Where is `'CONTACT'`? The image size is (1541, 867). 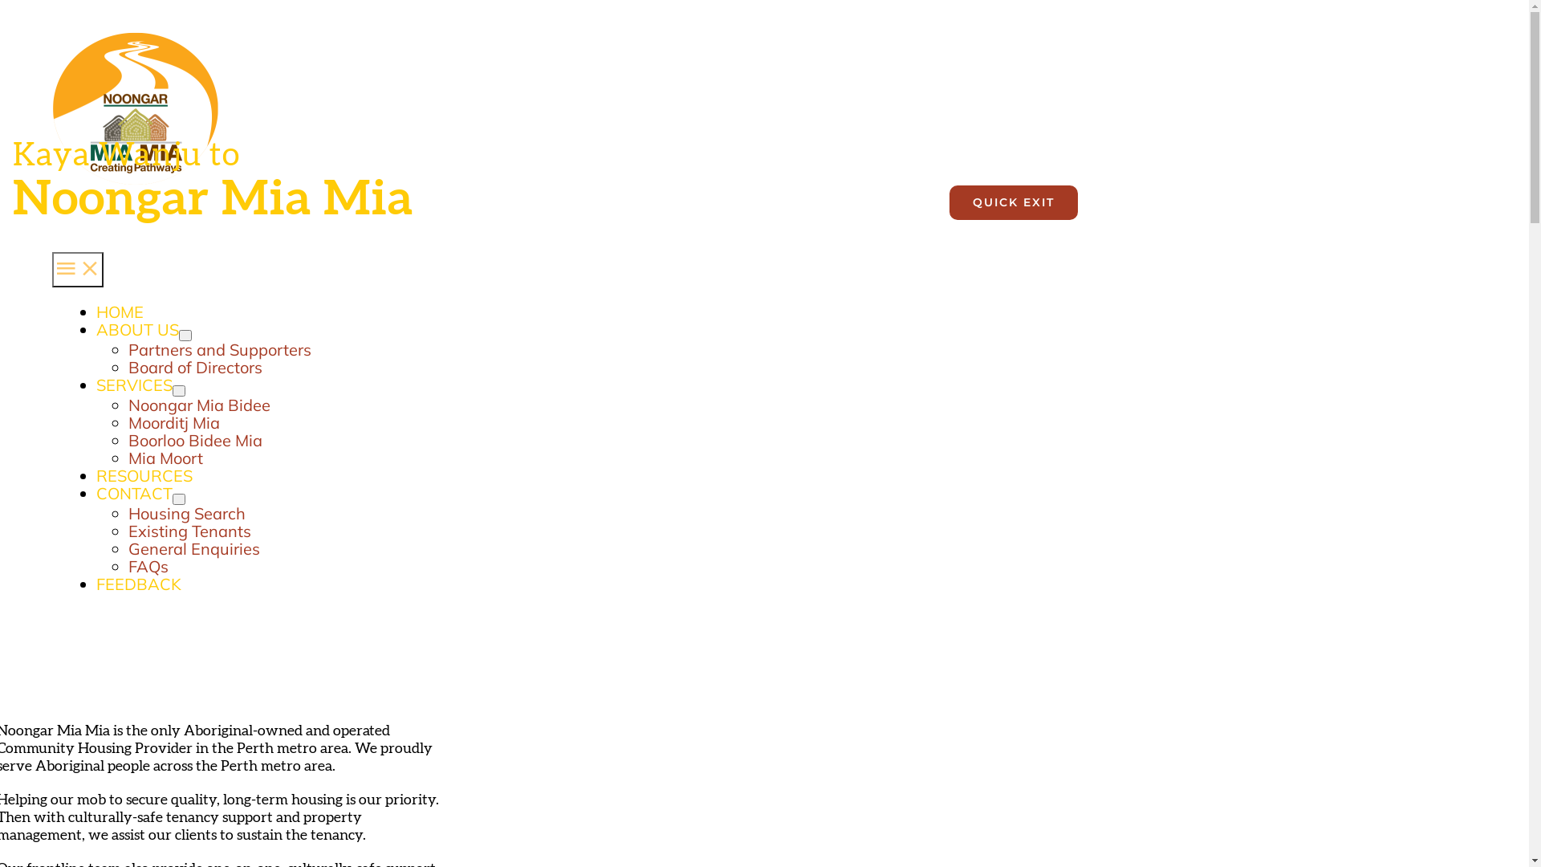 'CONTACT' is located at coordinates (134, 492).